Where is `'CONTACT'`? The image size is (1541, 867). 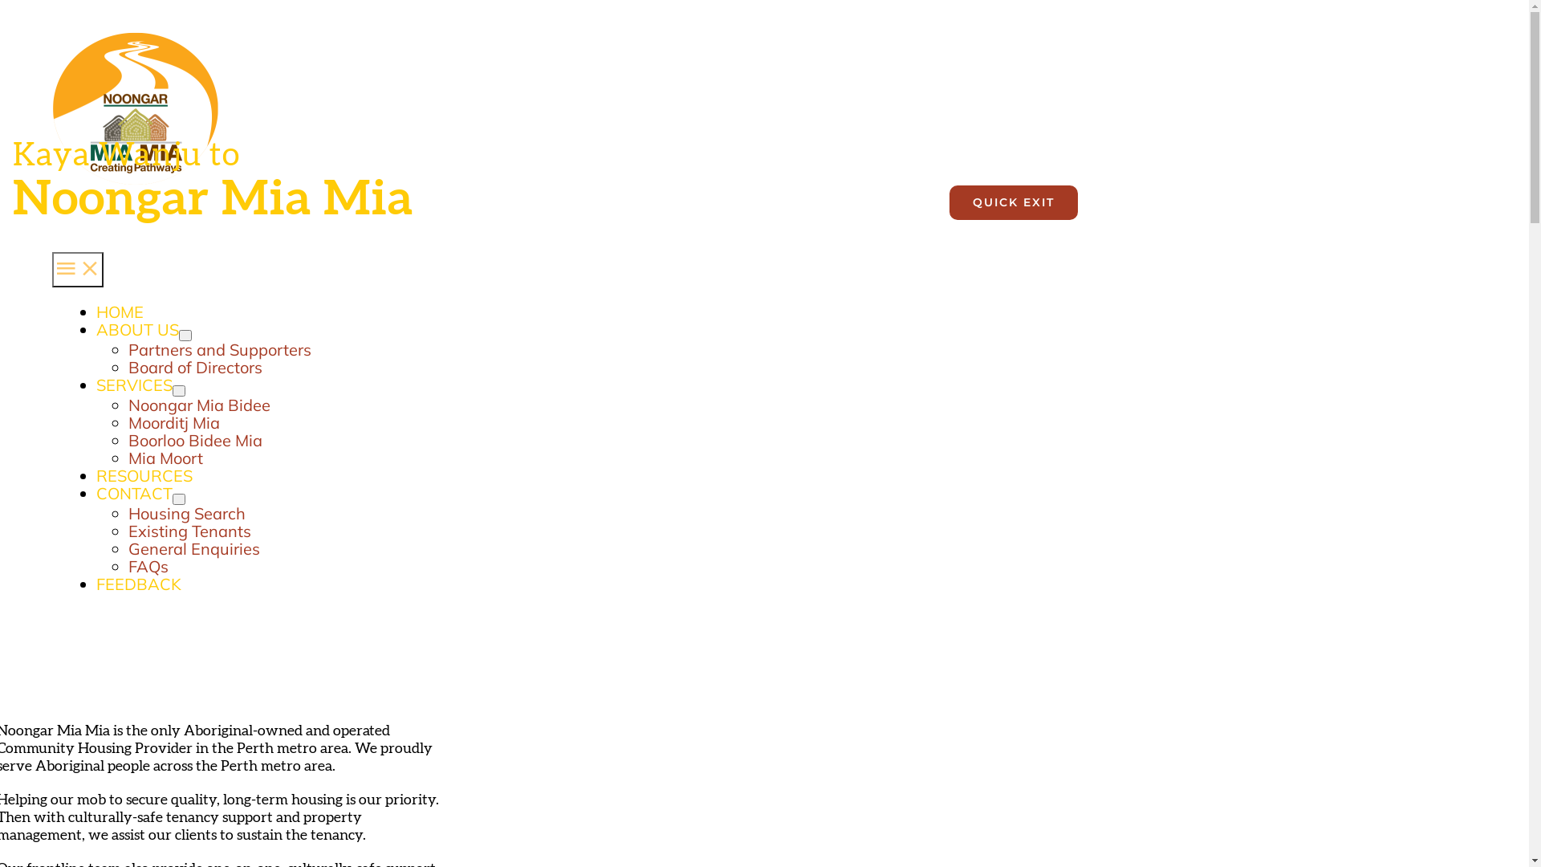 'CONTACT' is located at coordinates (134, 492).